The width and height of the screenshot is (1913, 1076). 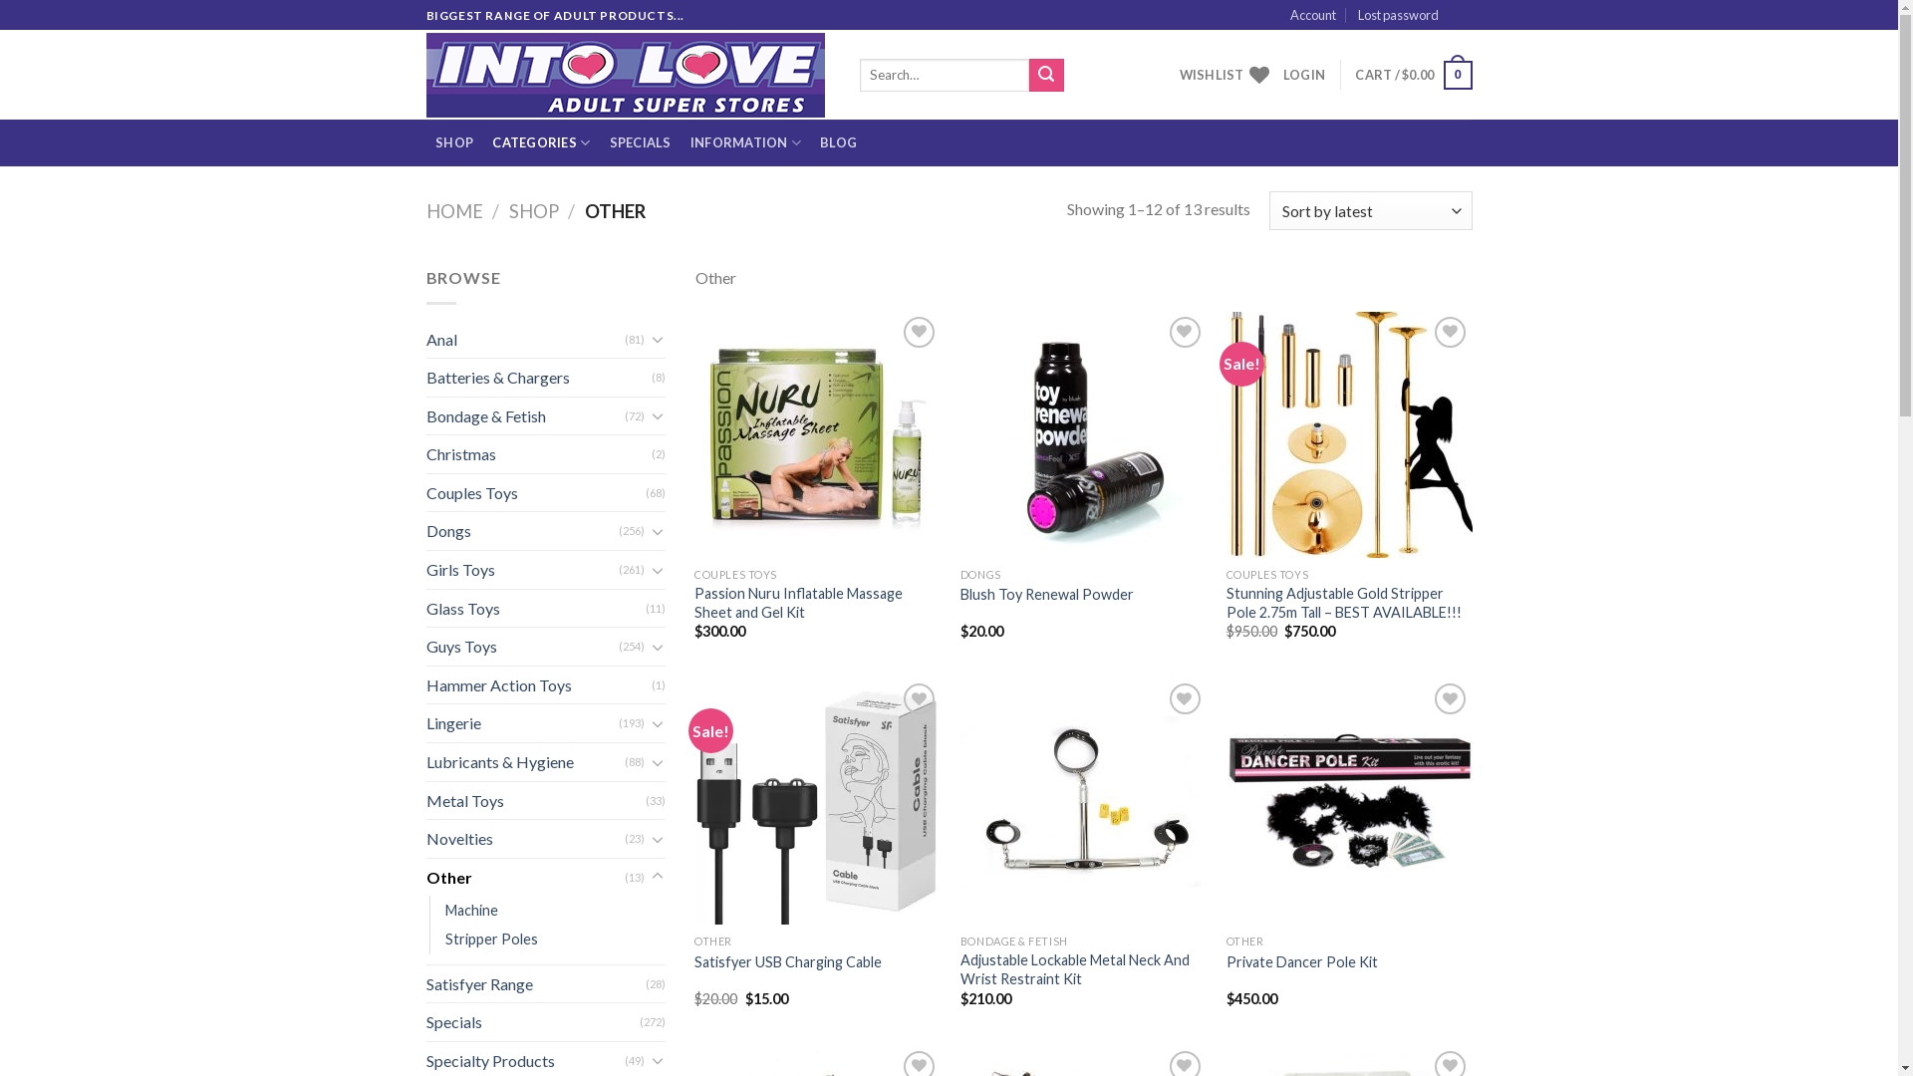 I want to click on 'Machine', so click(x=443, y=910).